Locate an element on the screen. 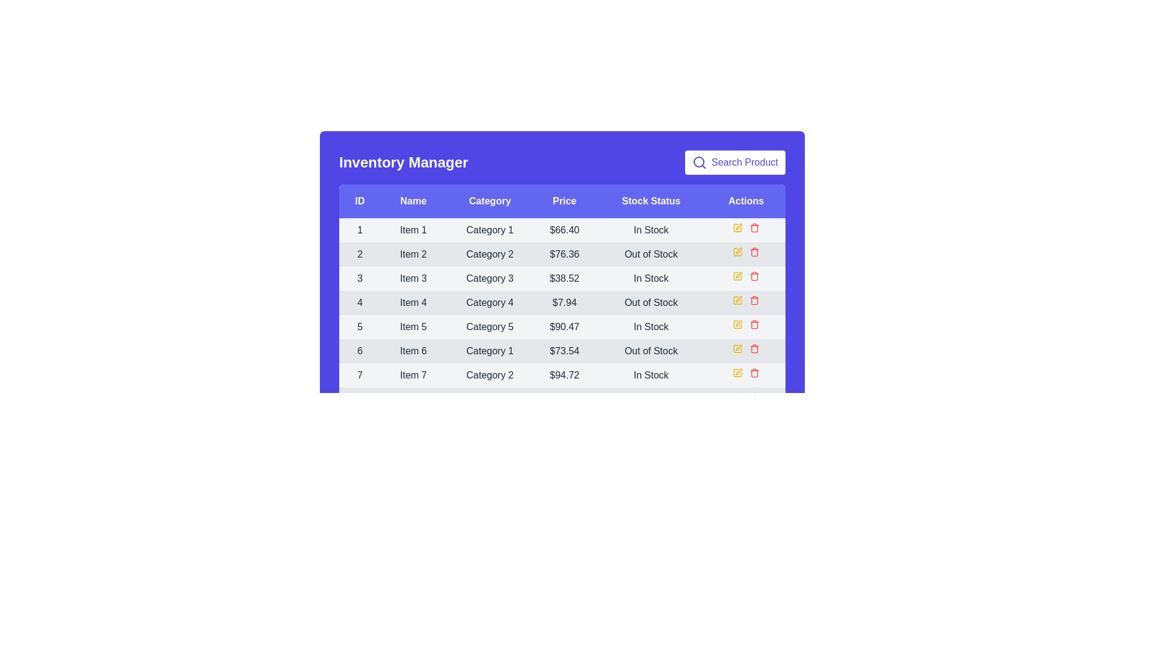  the text 'Item 1' in the first row of the table to select it for copying is located at coordinates (412, 230).